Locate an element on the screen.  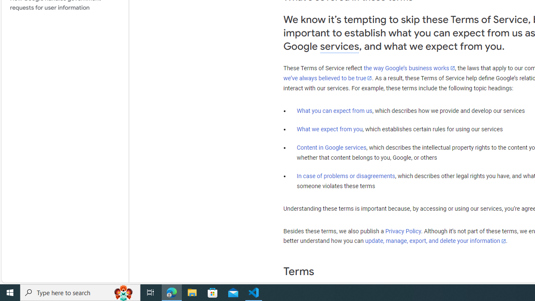
'What you can expect from us' is located at coordinates (334, 110).